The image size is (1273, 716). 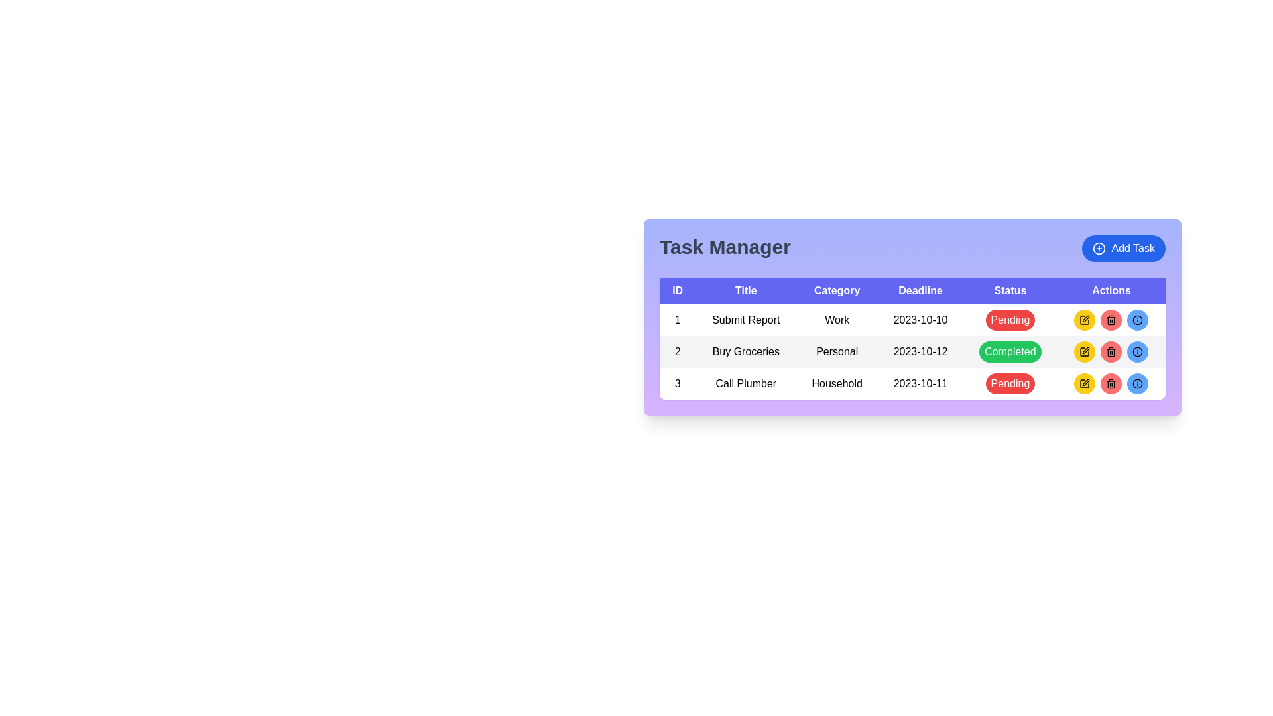 I want to click on the 'Delete' button located in the 'Actions' column of the first row in the task table, so click(x=1111, y=320).